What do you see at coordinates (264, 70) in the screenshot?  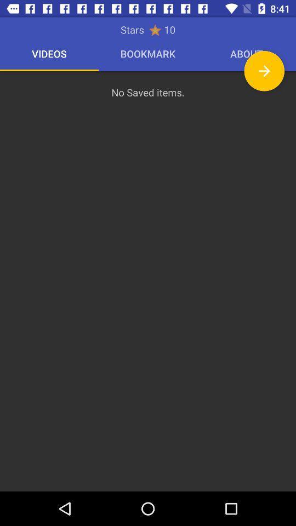 I see `item to the right of the bookmark item` at bounding box center [264, 70].